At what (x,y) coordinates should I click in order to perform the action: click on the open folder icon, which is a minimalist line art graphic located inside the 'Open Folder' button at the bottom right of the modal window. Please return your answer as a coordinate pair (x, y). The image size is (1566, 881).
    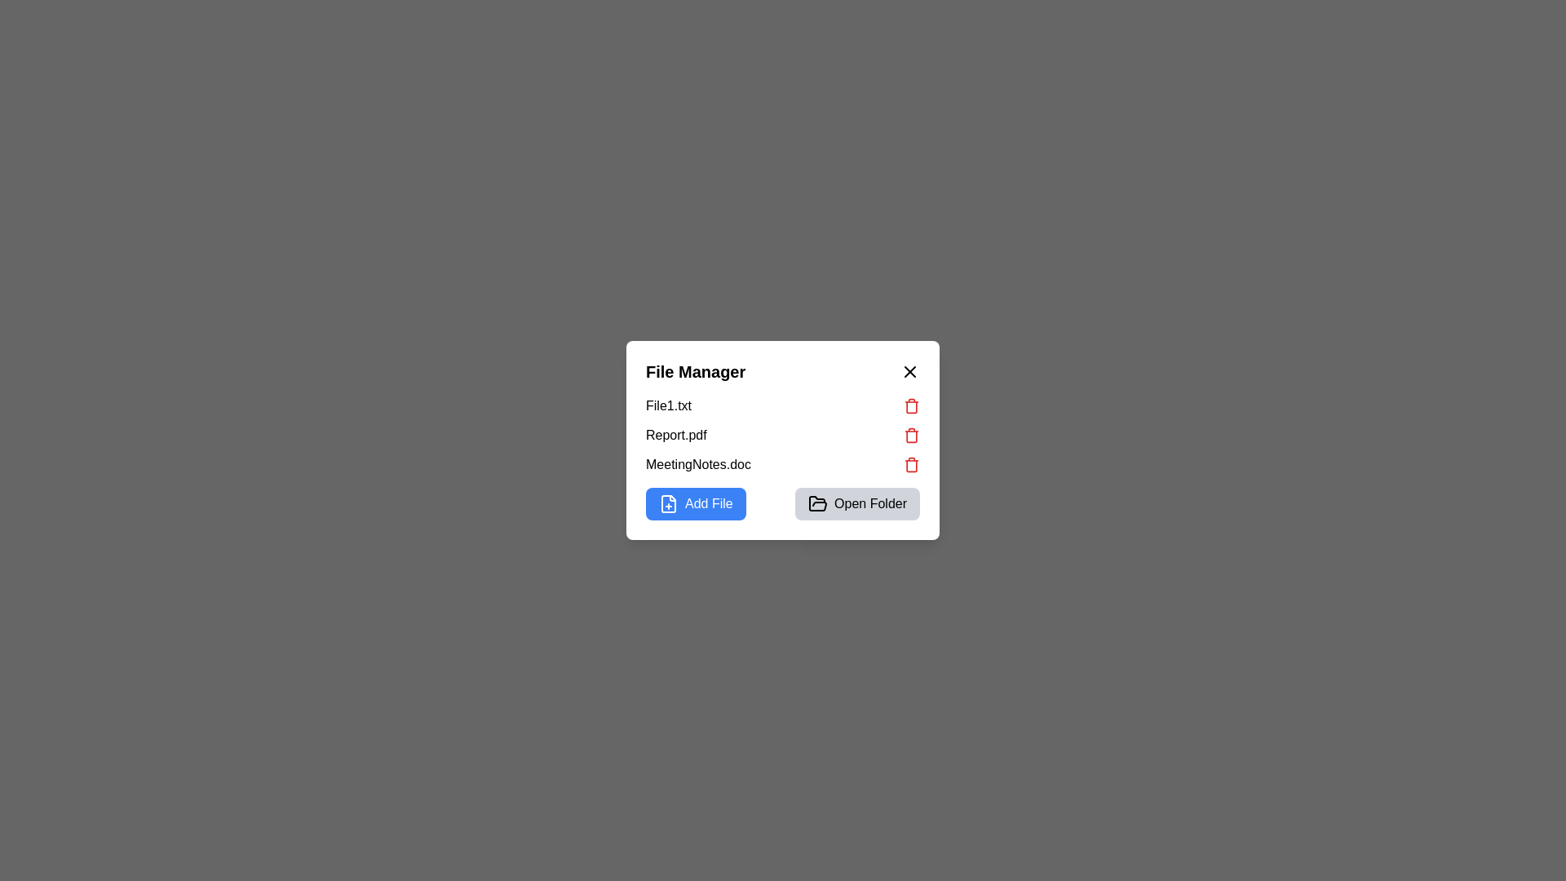
    Looking at the image, I should click on (818, 502).